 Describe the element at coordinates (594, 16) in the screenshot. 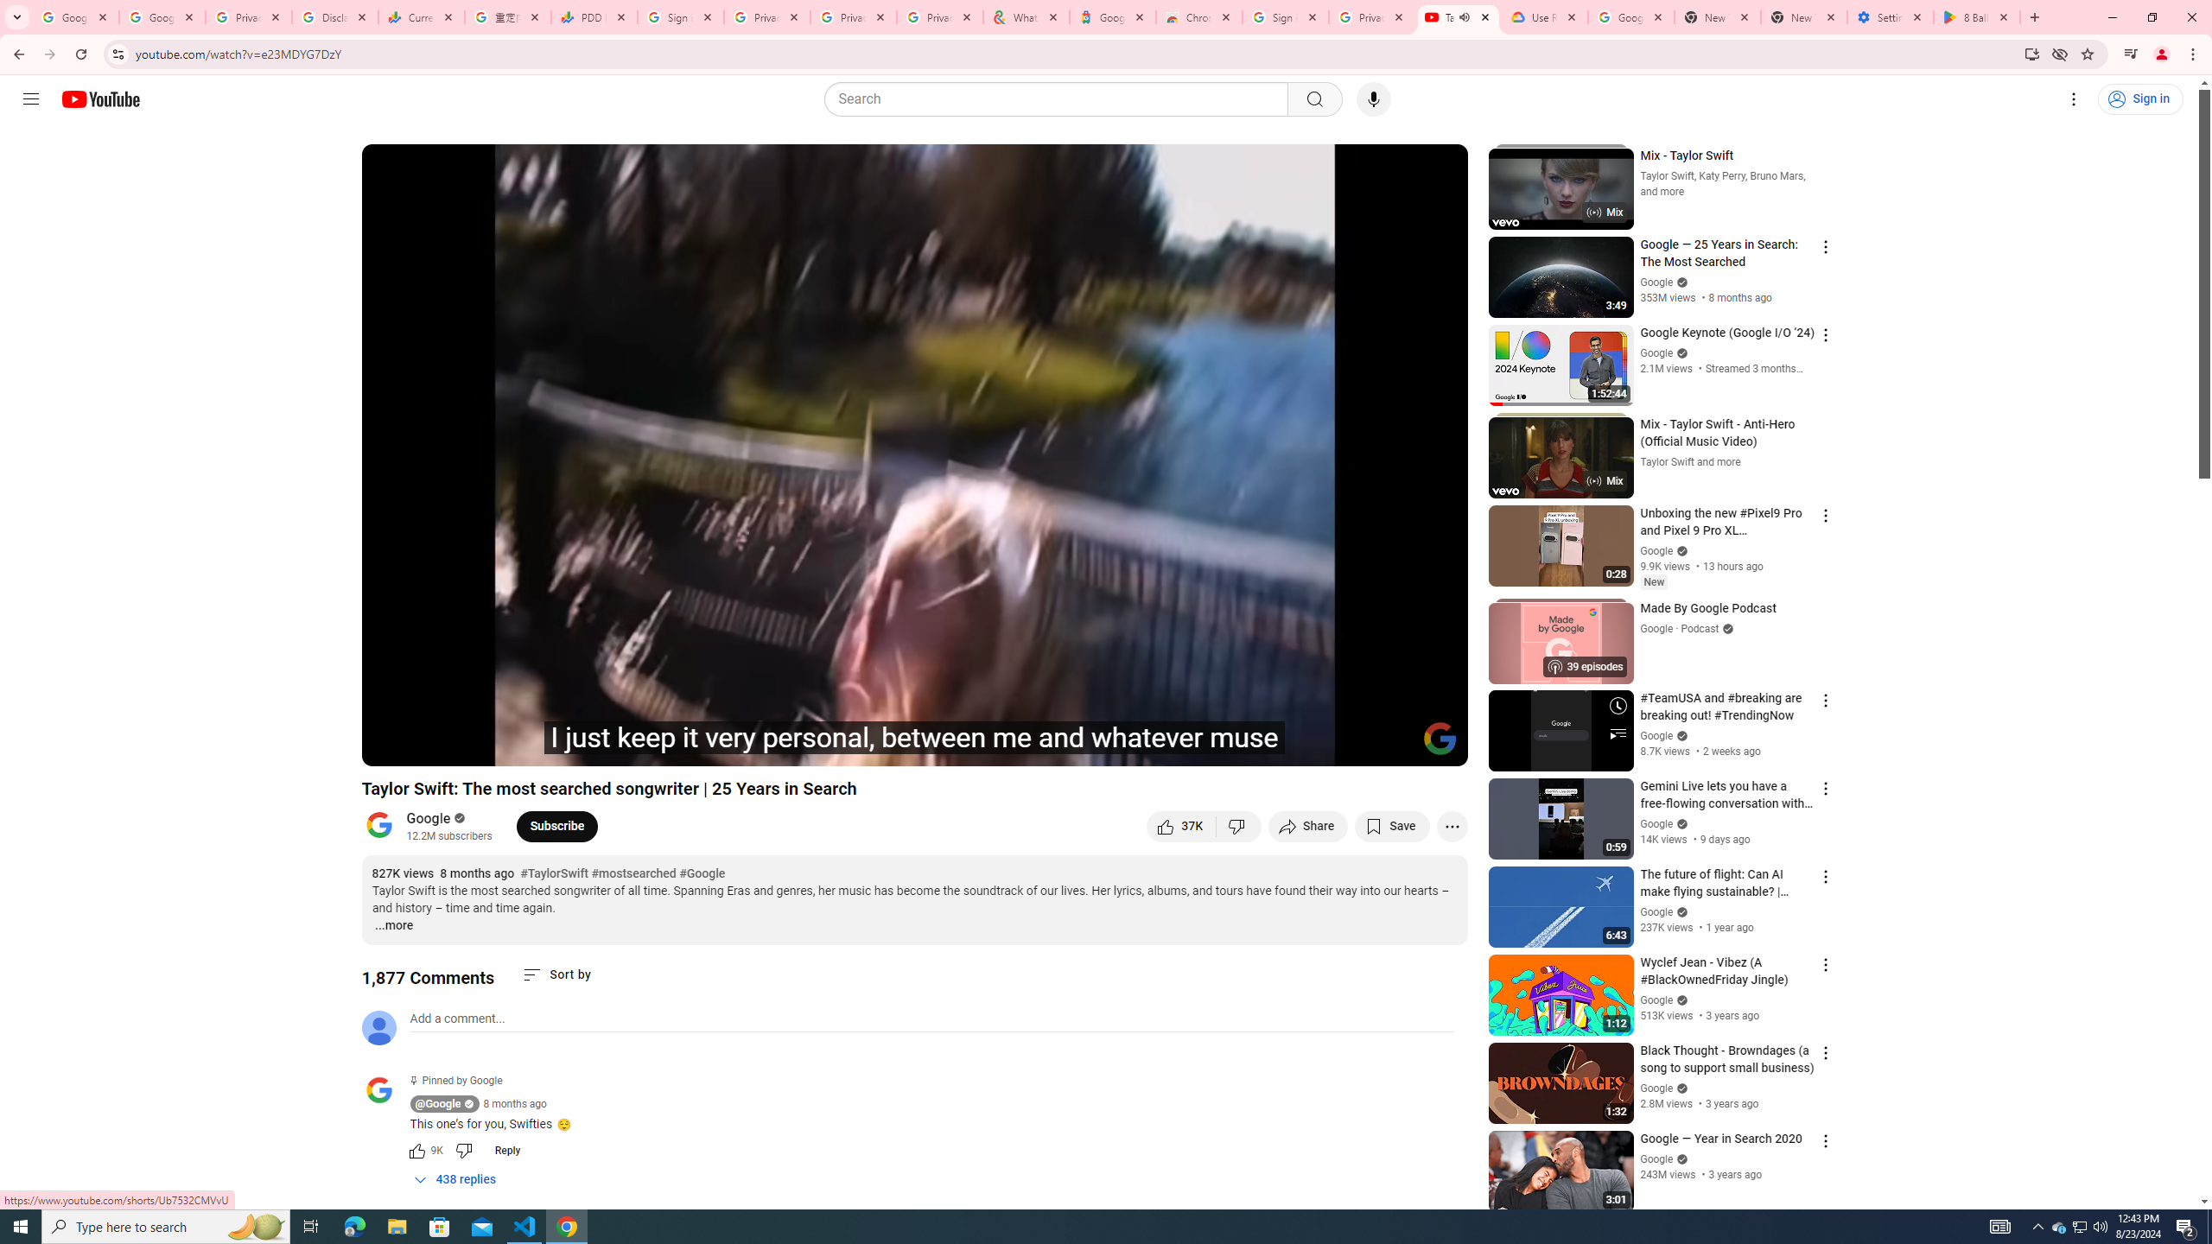

I see `'PDD Holdings Inc - ADR (PDD) Price & News - Google Finance'` at that location.